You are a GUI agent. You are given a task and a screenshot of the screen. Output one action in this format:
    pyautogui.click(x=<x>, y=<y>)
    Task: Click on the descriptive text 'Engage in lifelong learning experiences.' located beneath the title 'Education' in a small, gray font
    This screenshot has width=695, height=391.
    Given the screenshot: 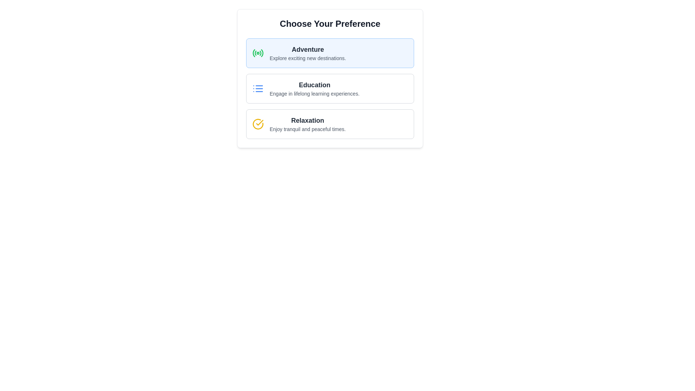 What is the action you would take?
    pyautogui.click(x=315, y=93)
    